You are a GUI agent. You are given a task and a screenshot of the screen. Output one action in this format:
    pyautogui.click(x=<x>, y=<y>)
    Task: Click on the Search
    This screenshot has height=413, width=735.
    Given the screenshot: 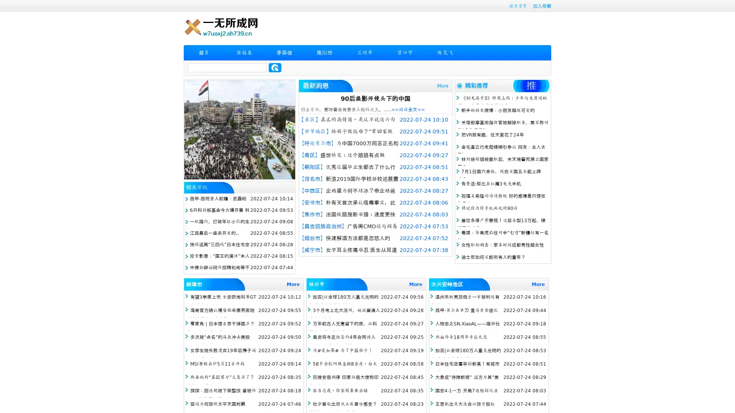 What is the action you would take?
    pyautogui.click(x=275, y=67)
    